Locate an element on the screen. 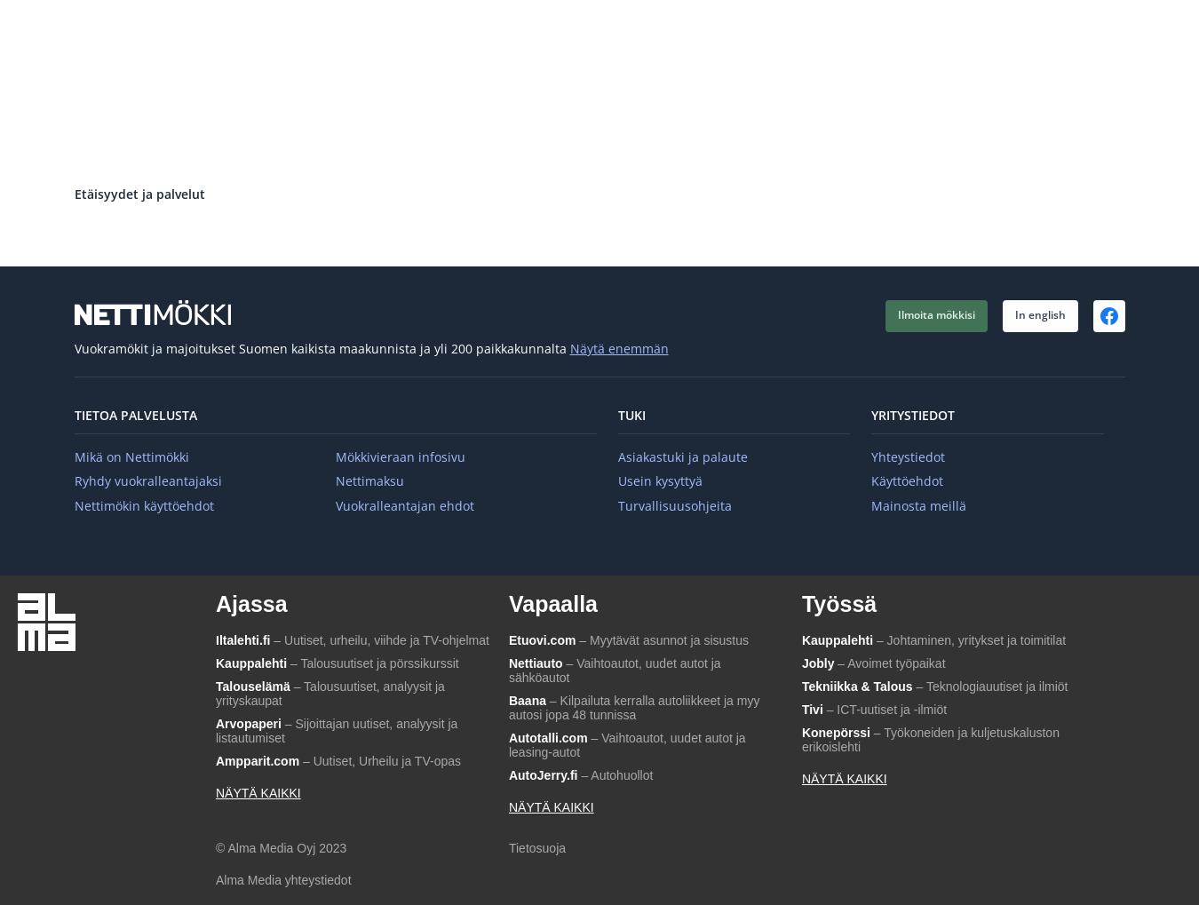 This screenshot has width=1199, height=905. 'Ampparit.com' is located at coordinates (215, 759).